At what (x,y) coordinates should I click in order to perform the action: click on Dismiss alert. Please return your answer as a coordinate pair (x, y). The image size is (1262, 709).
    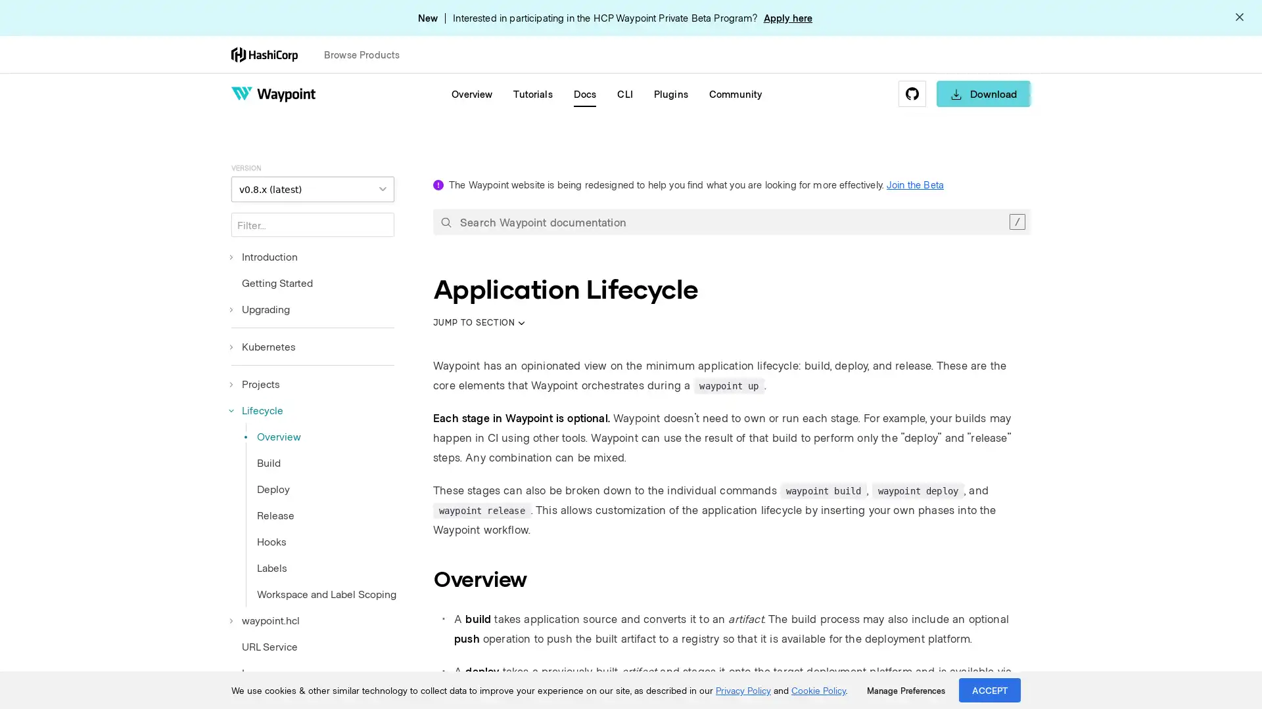
    Looking at the image, I should click on (1239, 18).